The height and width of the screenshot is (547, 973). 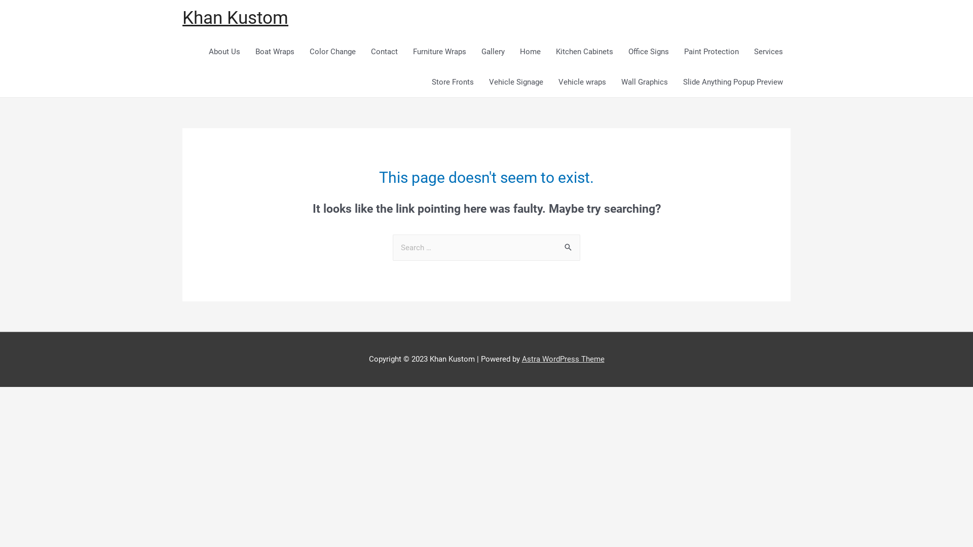 What do you see at coordinates (405, 51) in the screenshot?
I see `'Furniture Wraps'` at bounding box center [405, 51].